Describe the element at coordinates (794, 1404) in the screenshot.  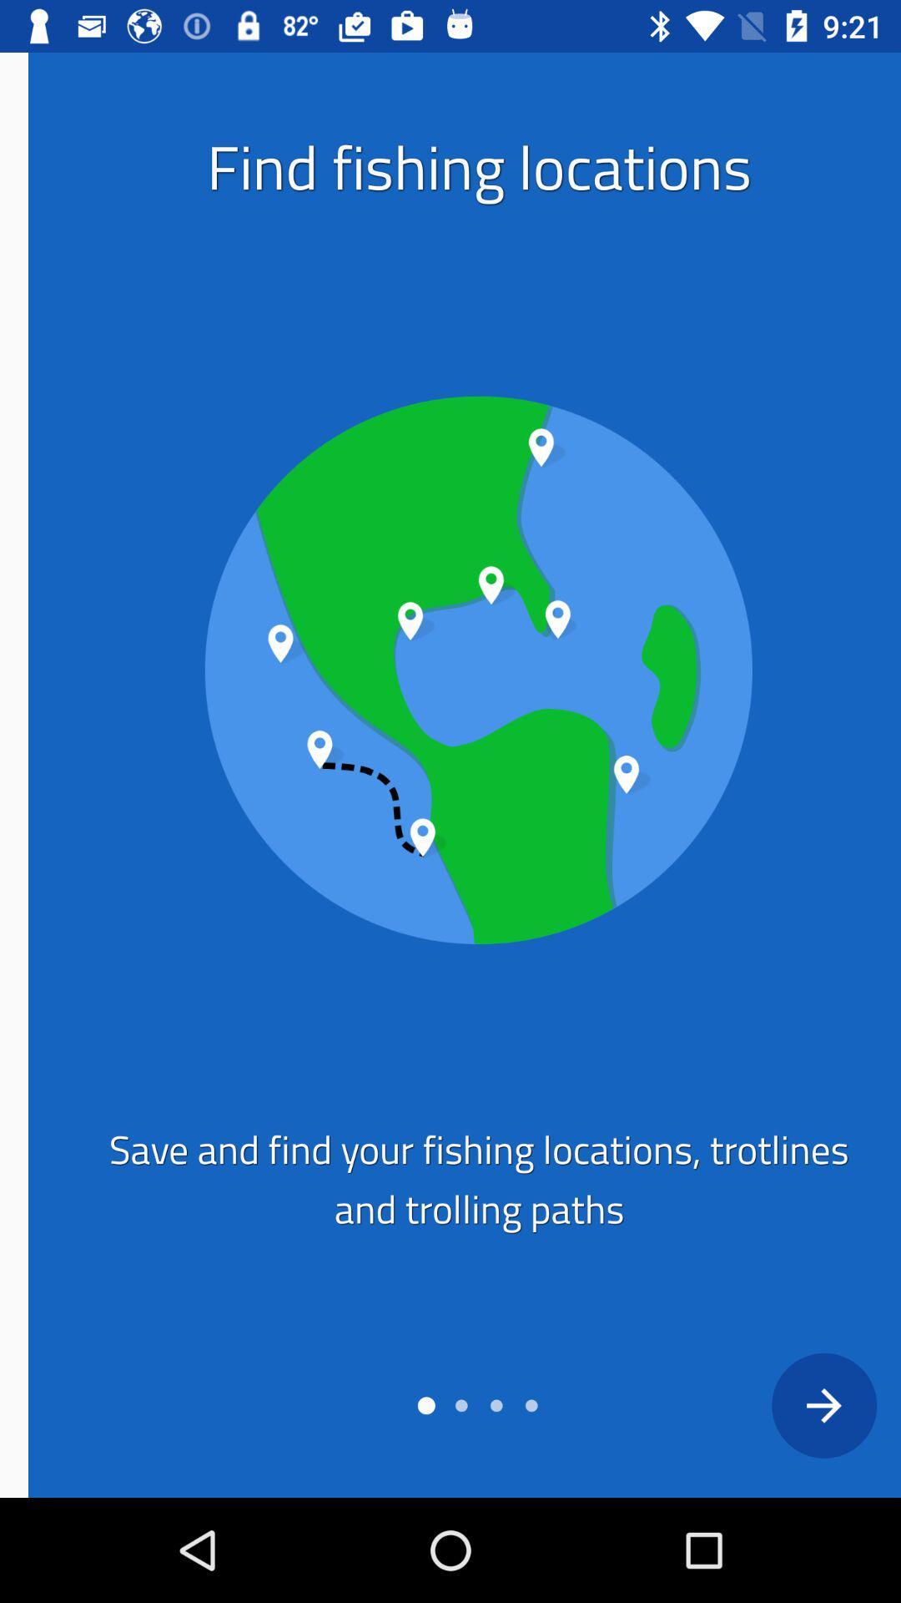
I see `go next` at that location.